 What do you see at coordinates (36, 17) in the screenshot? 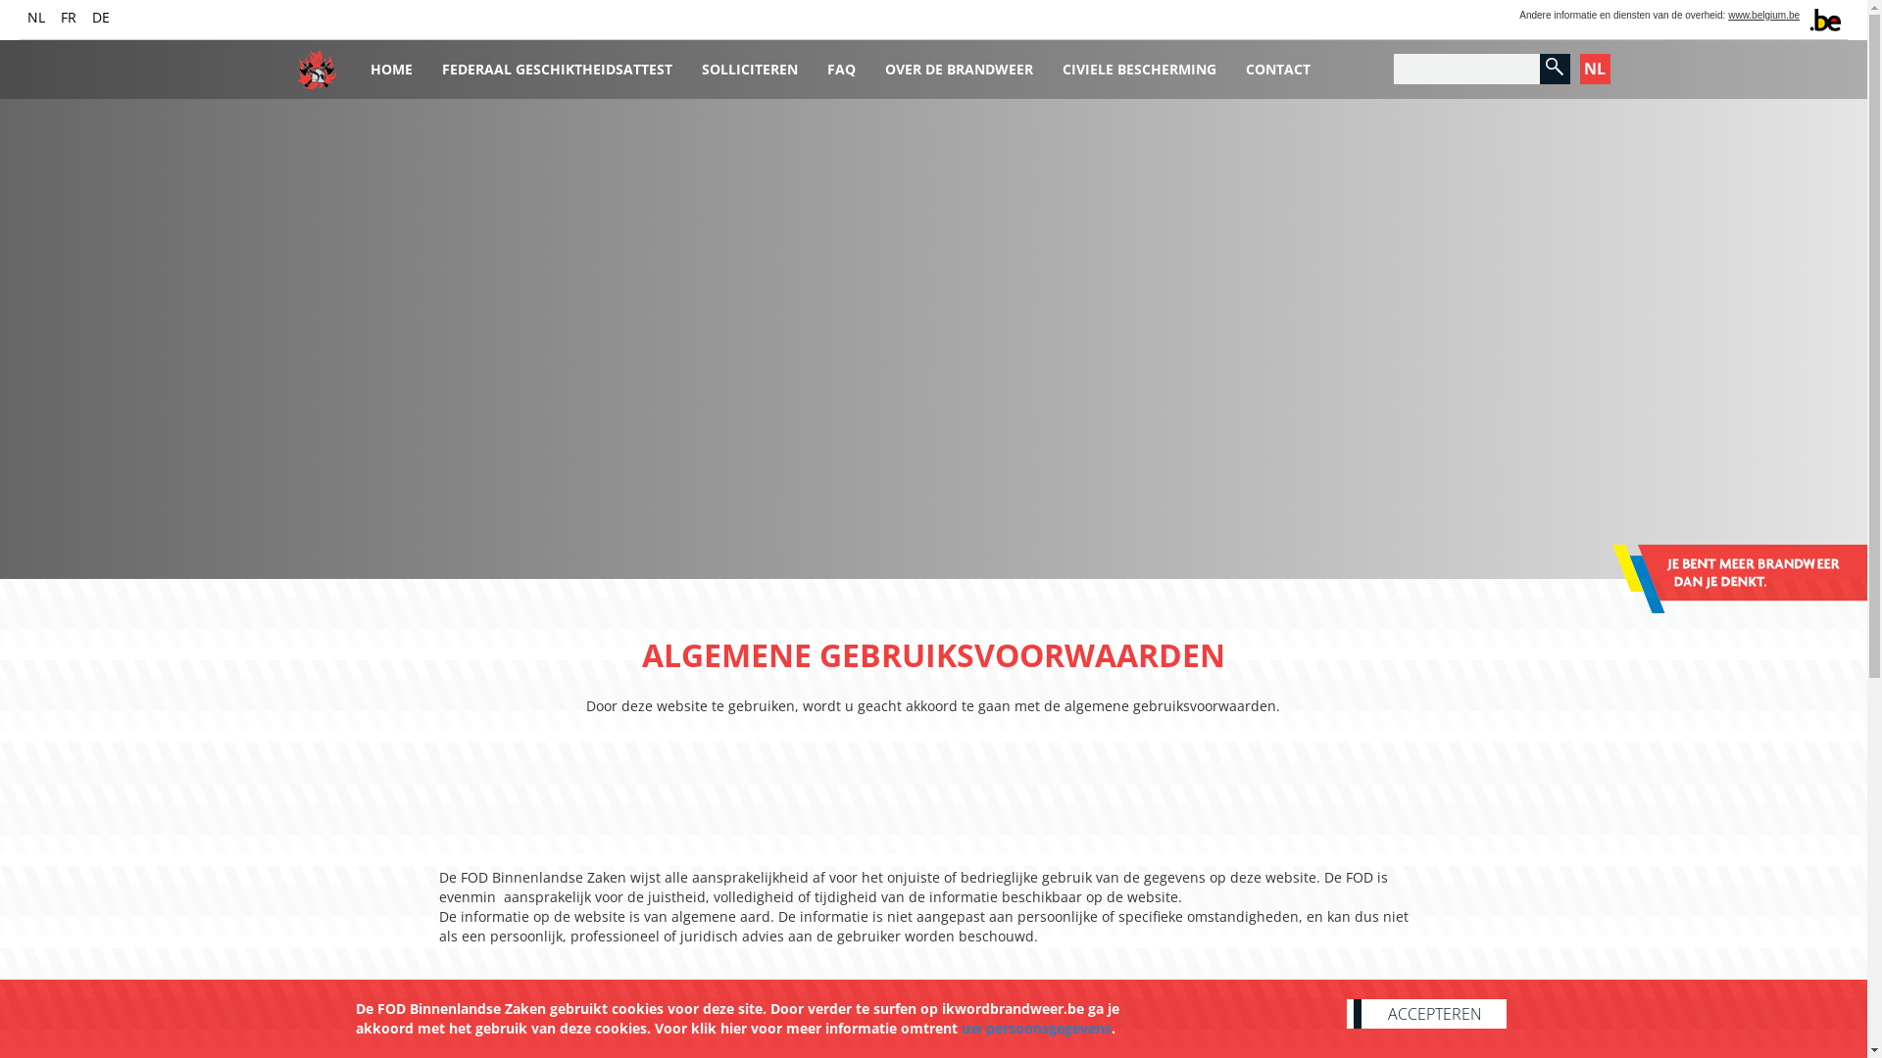
I see `'NL'` at bounding box center [36, 17].